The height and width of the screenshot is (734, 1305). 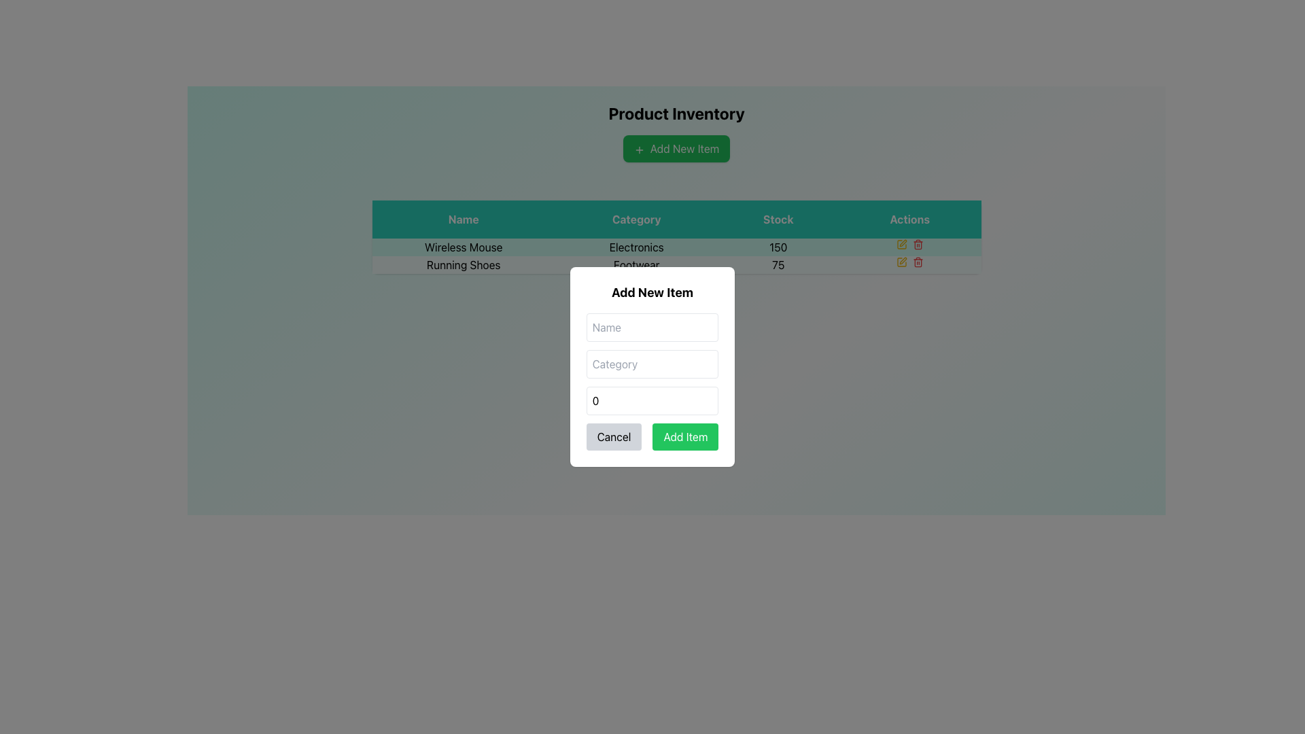 I want to click on the third input field for numeric stock quantity in the modal window to focus on it, so click(x=652, y=400).